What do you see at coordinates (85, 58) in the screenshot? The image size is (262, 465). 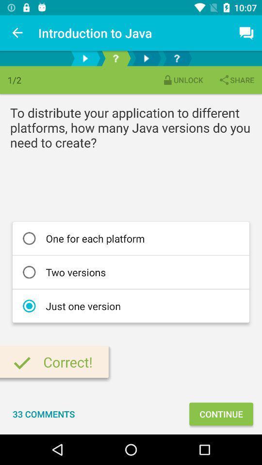 I see `advance to next page` at bounding box center [85, 58].